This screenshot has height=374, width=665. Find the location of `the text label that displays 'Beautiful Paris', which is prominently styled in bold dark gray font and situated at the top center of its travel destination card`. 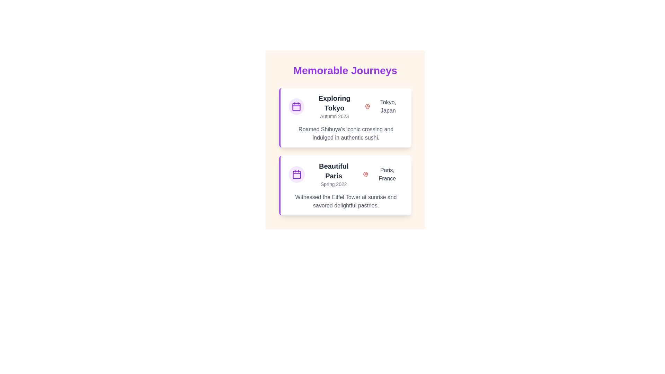

the text label that displays 'Beautiful Paris', which is prominently styled in bold dark gray font and situated at the top center of its travel destination card is located at coordinates (334, 171).